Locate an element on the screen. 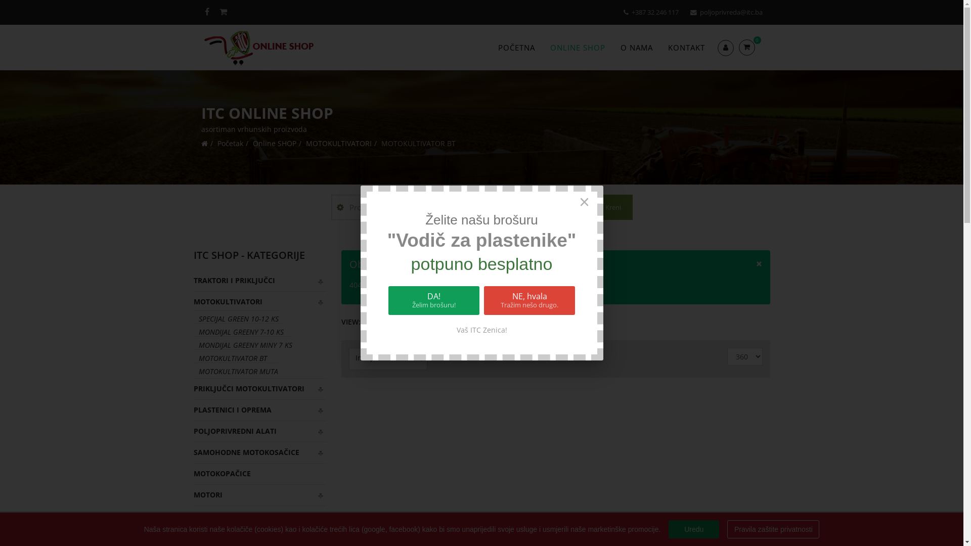  'O NAMA' is located at coordinates (636, 47).